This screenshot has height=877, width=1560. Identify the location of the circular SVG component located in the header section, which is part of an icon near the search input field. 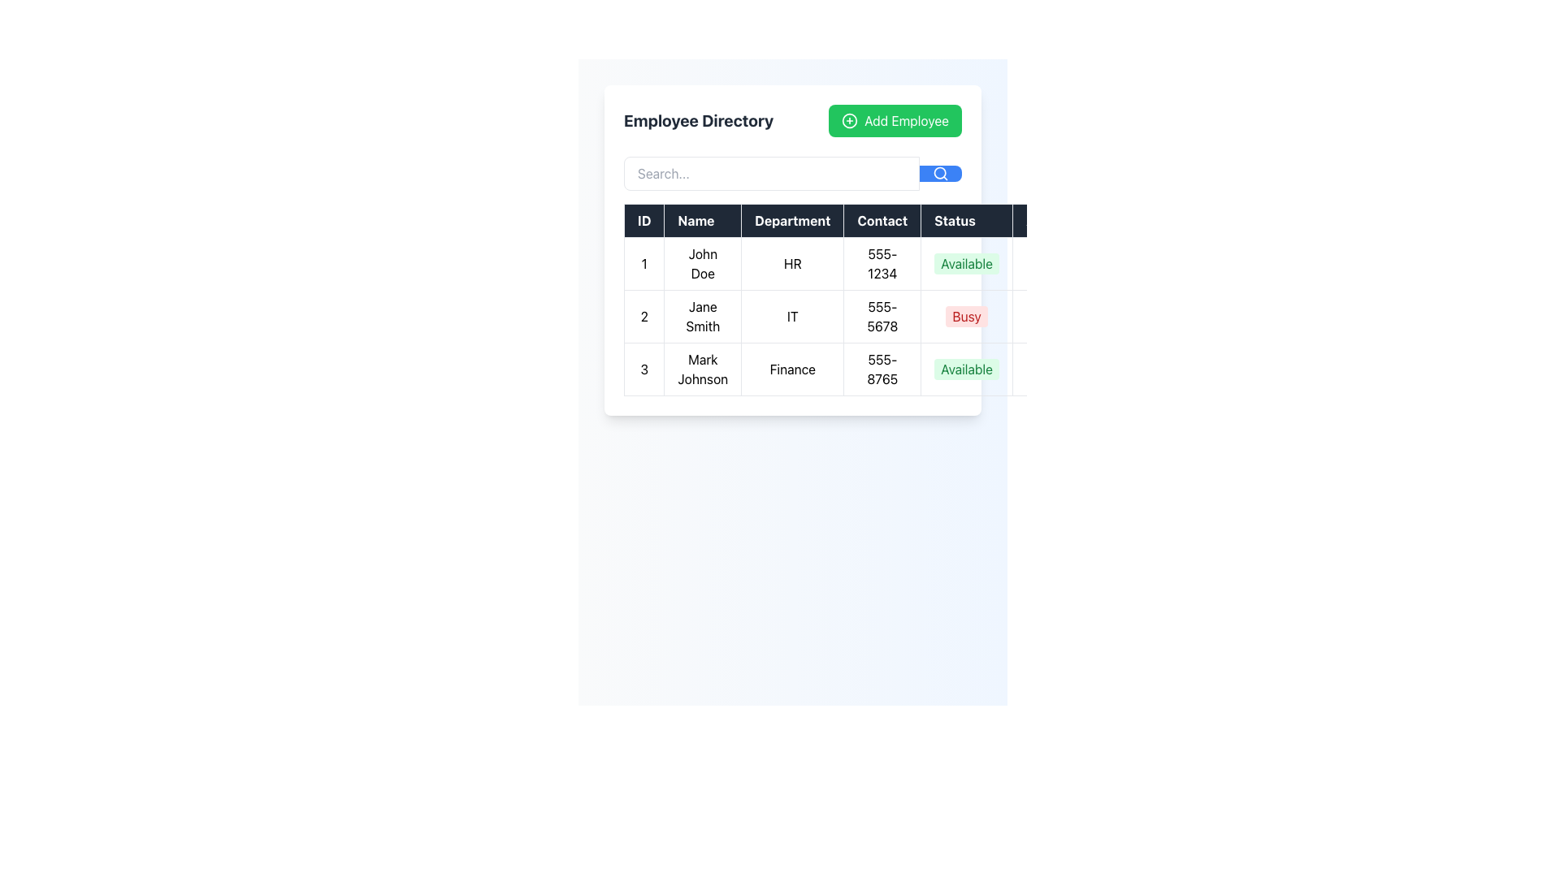
(940, 173).